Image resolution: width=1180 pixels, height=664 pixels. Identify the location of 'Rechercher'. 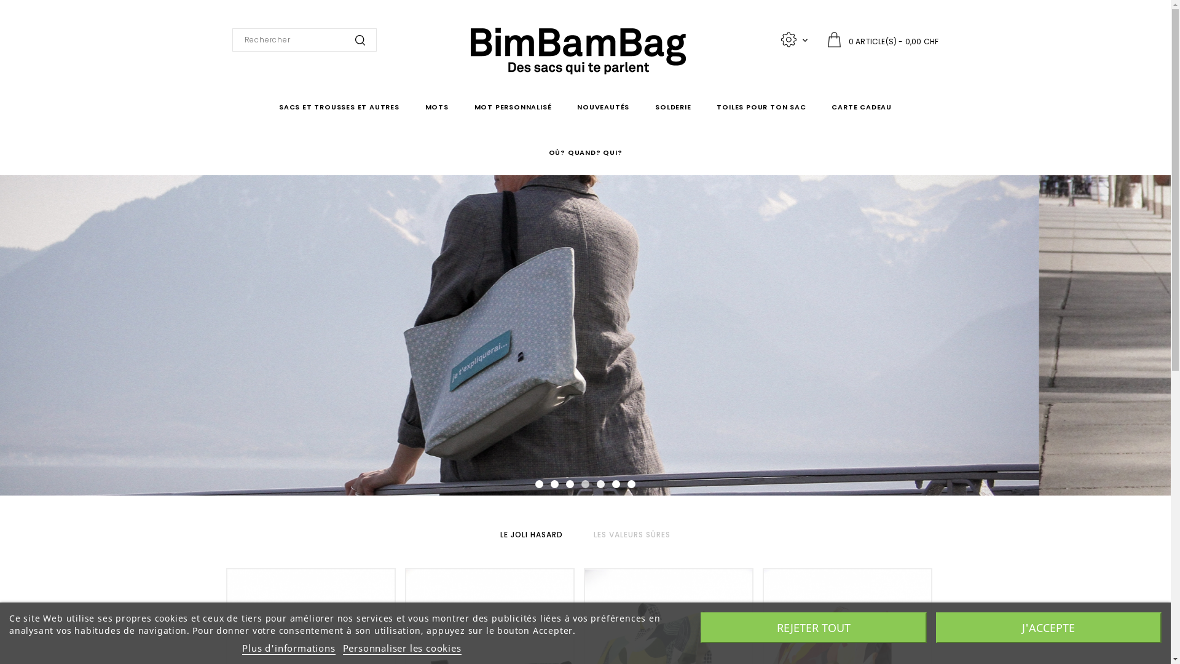
(359, 39).